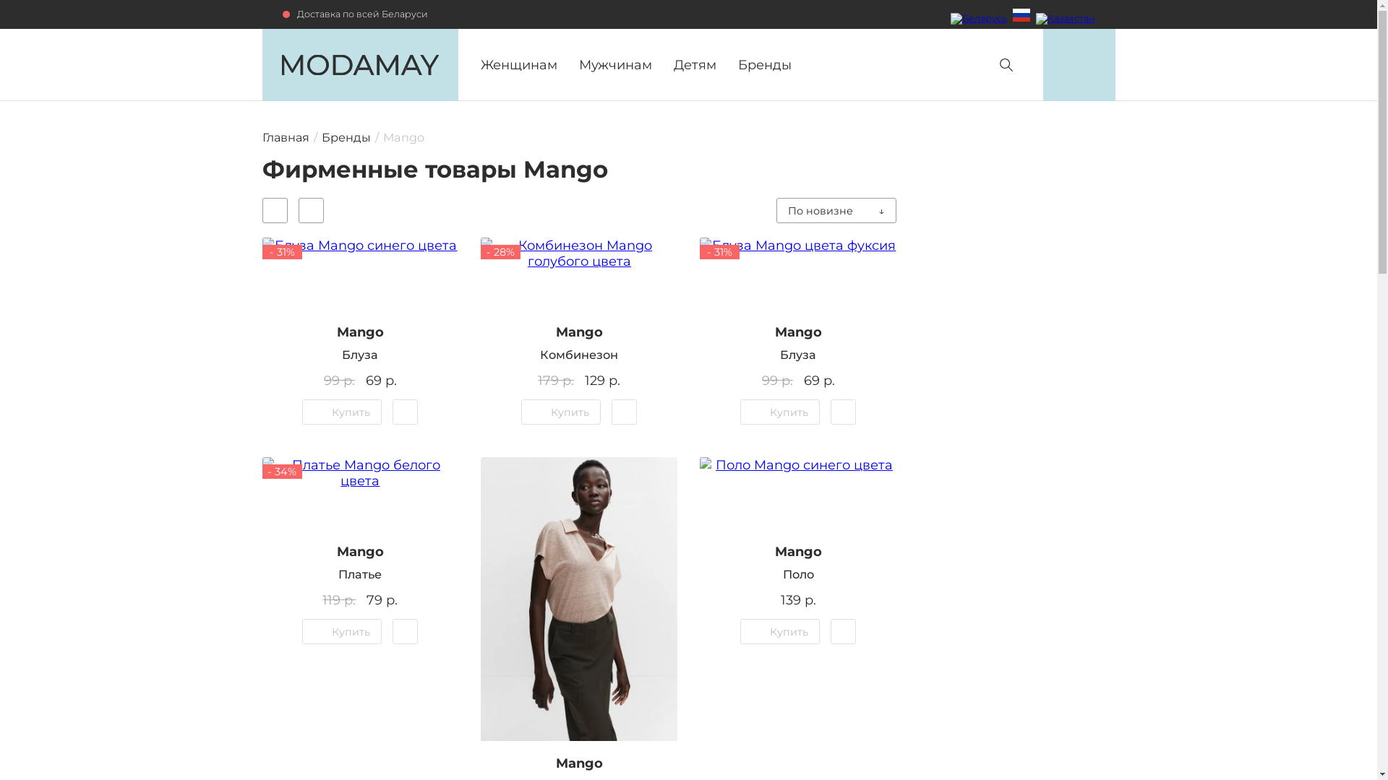 The width and height of the screenshot is (1388, 780). Describe the element at coordinates (360, 331) in the screenshot. I see `'Mango'` at that location.